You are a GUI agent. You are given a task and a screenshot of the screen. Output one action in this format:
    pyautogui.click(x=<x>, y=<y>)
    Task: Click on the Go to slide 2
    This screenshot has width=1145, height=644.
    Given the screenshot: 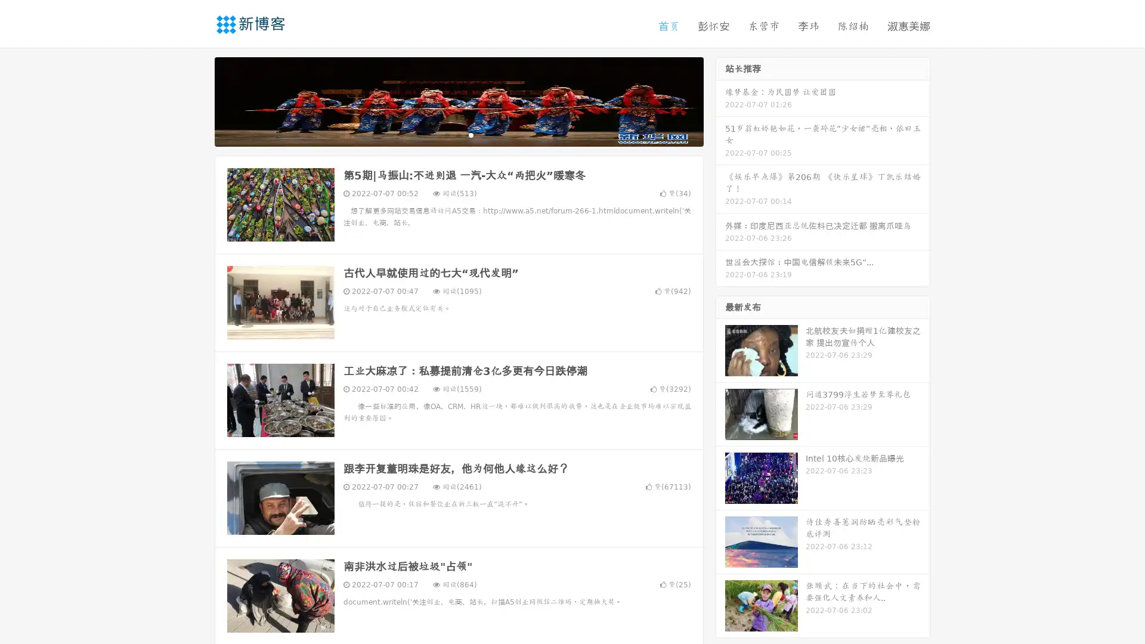 What is the action you would take?
    pyautogui.click(x=458, y=134)
    